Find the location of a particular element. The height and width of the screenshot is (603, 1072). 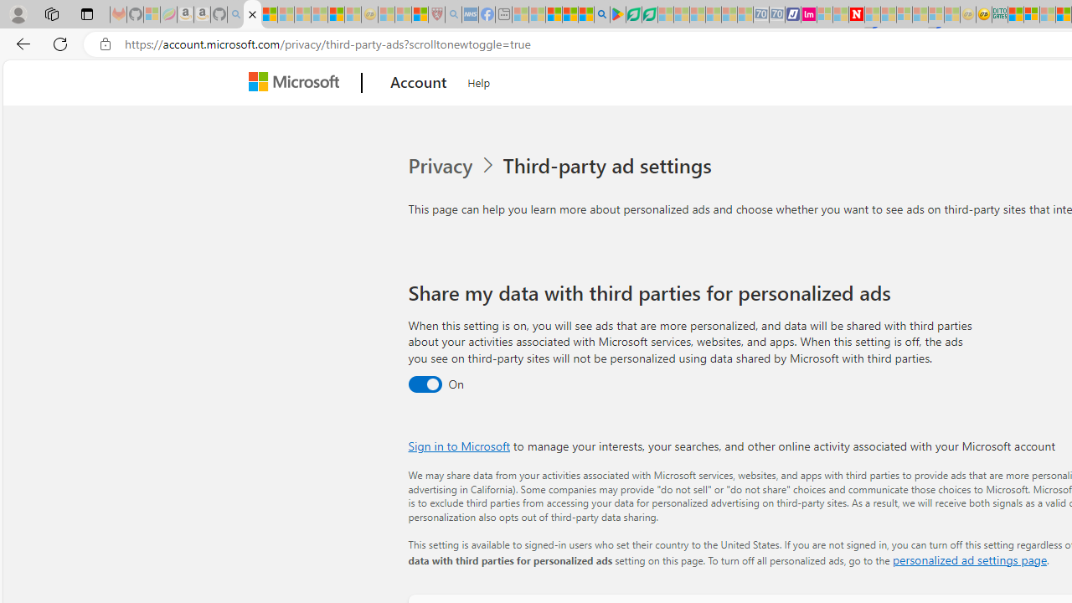

'Third party data sharing toggle' is located at coordinates (424, 384).